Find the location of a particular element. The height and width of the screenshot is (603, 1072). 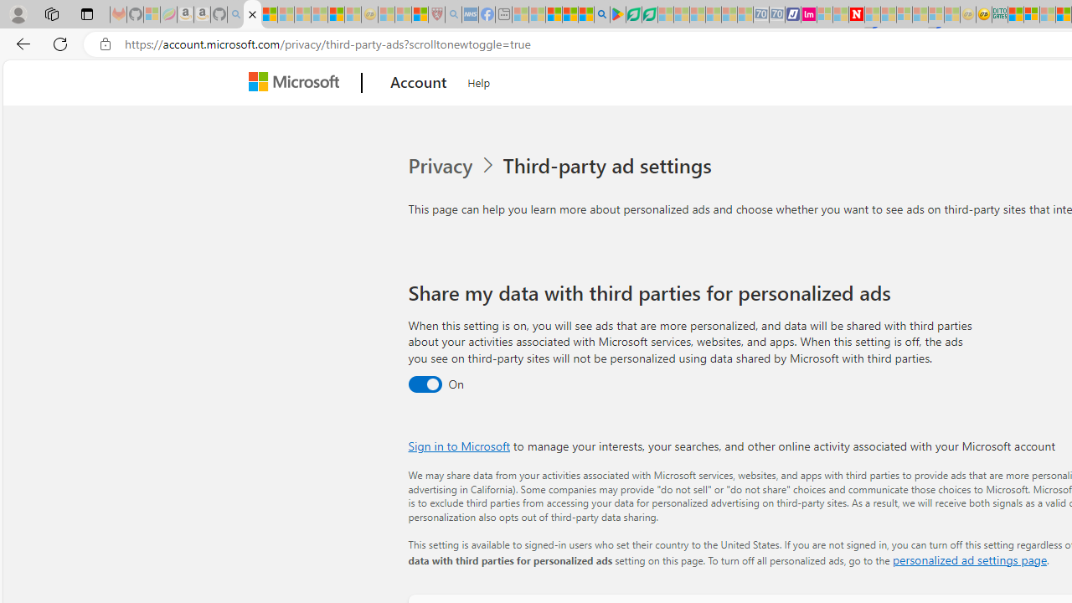

'Third party data sharing toggle' is located at coordinates (424, 384).